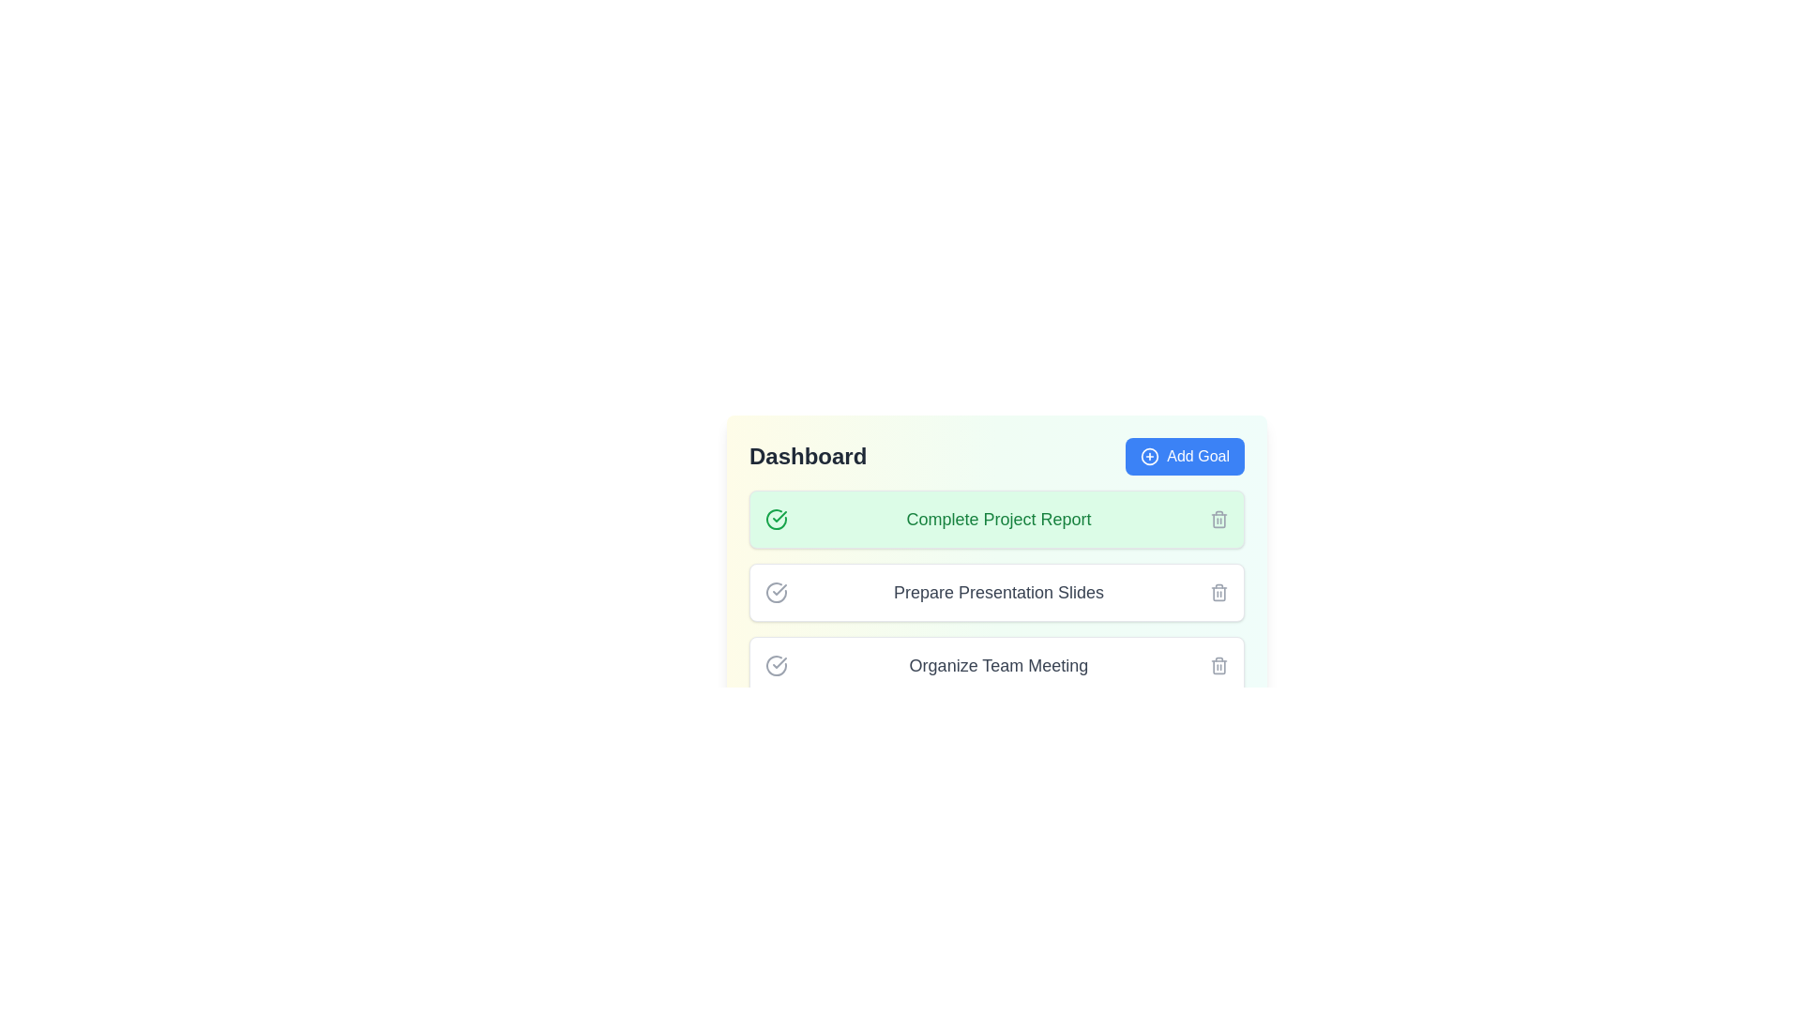 This screenshot has height=1013, width=1801. What do you see at coordinates (1183, 456) in the screenshot?
I see `the 'Add Goal' button to add a new goal` at bounding box center [1183, 456].